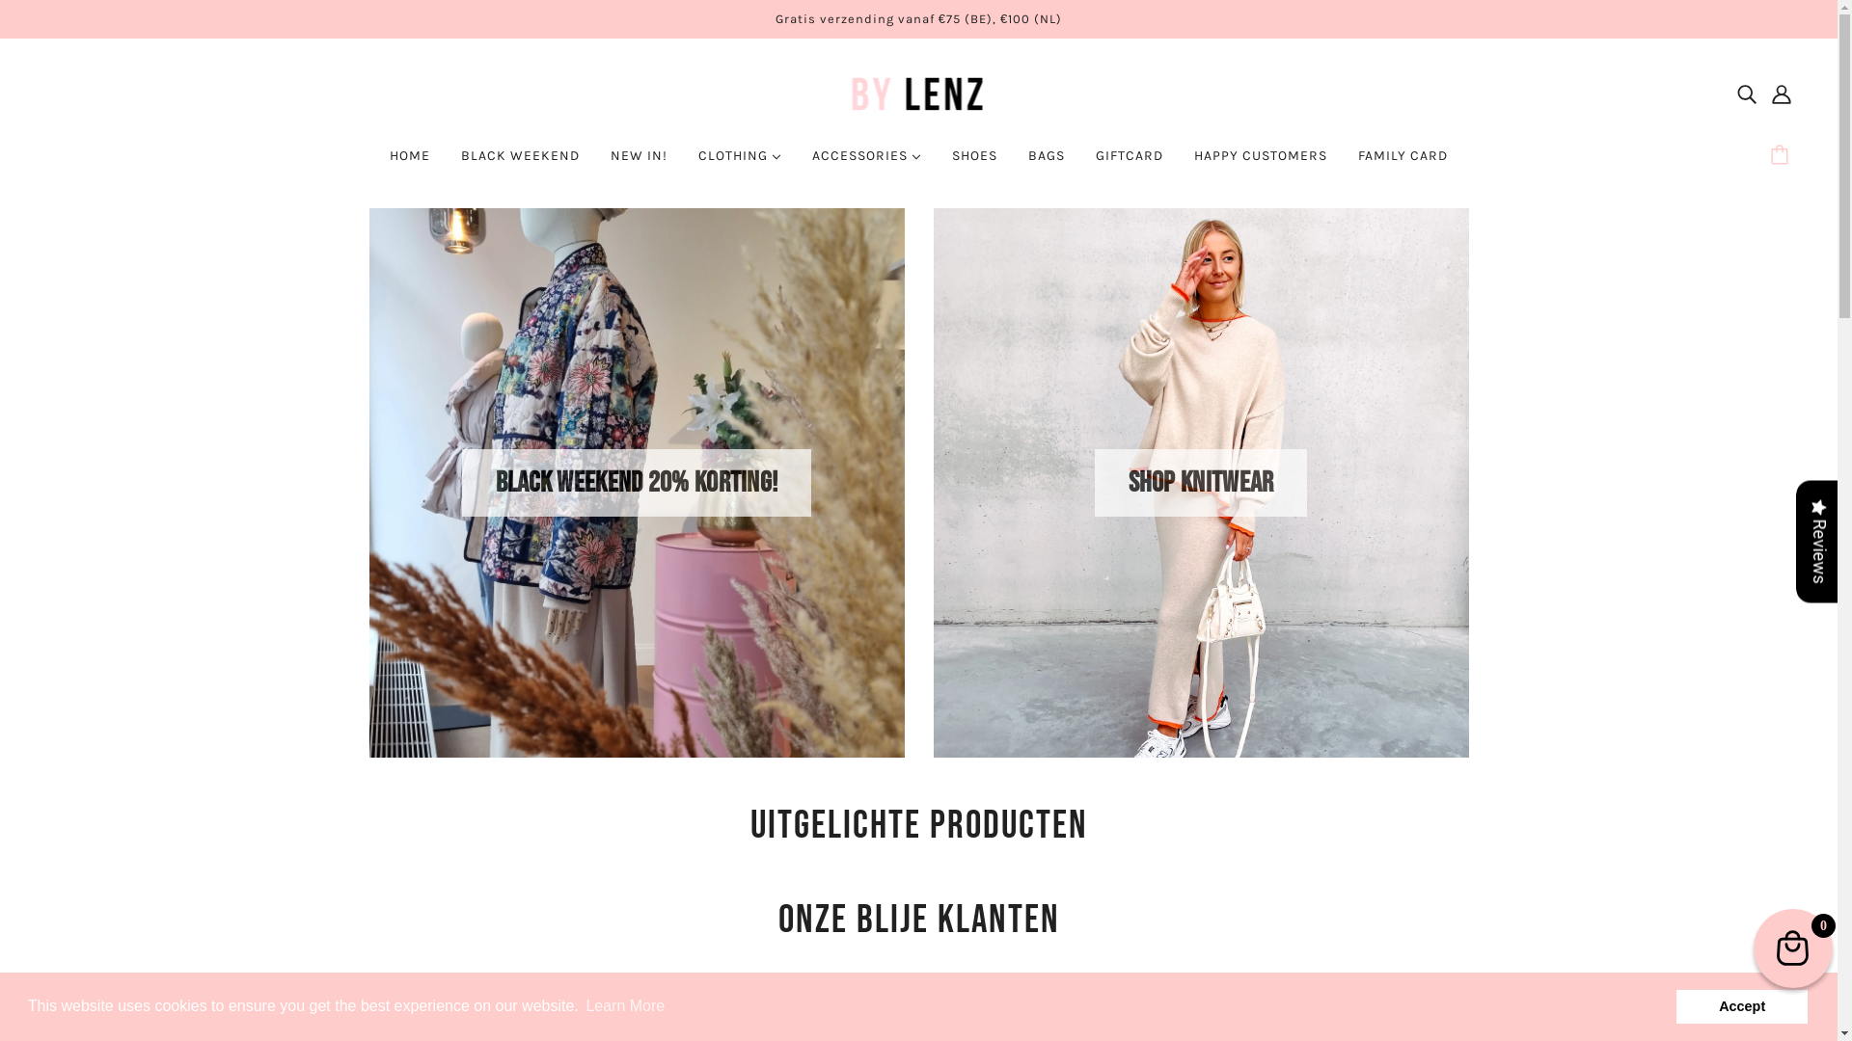  Describe the element at coordinates (637, 482) in the screenshot. I see `'BLACK WEEKEND 20% KORTING!'` at that location.